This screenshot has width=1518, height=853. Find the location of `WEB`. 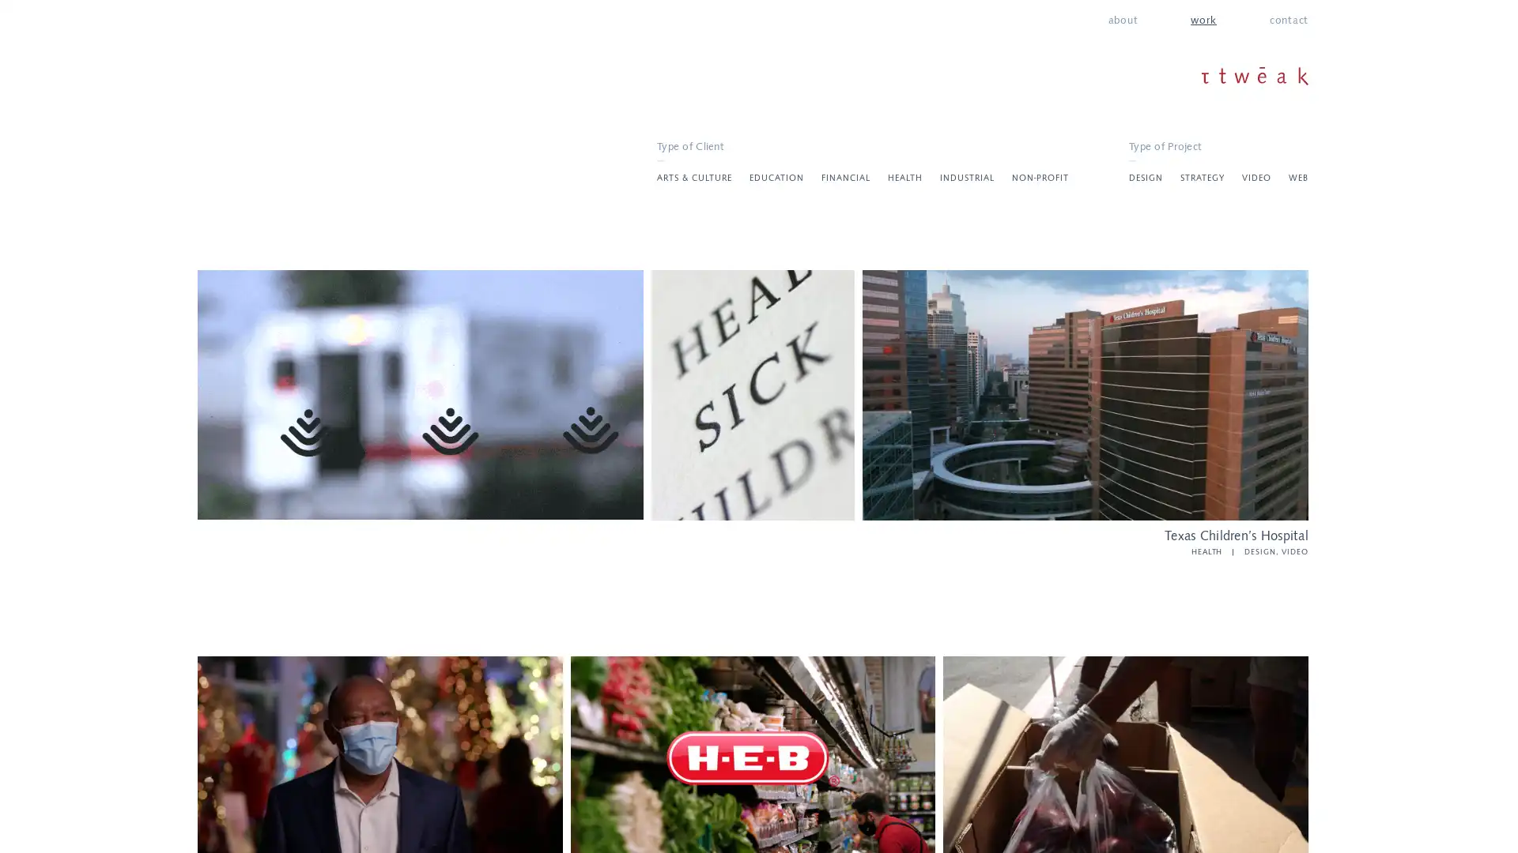

WEB is located at coordinates (1298, 178).